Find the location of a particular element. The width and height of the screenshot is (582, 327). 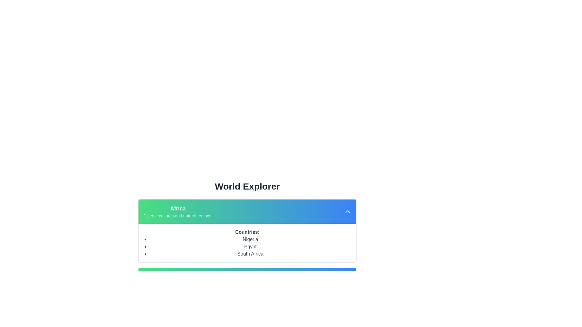

the Text Label displaying 'Egypt', which is the second item in the bulleted list under 'Countries:' in the 'Africa' section is located at coordinates (250, 246).